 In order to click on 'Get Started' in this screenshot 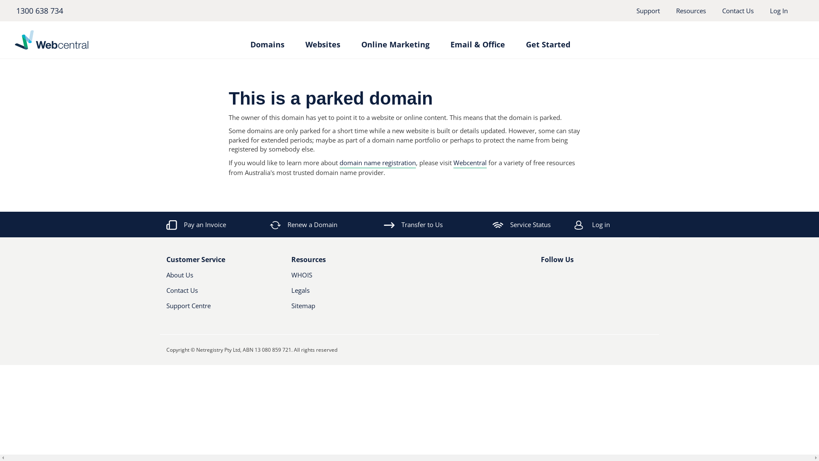, I will do `click(525, 40)`.